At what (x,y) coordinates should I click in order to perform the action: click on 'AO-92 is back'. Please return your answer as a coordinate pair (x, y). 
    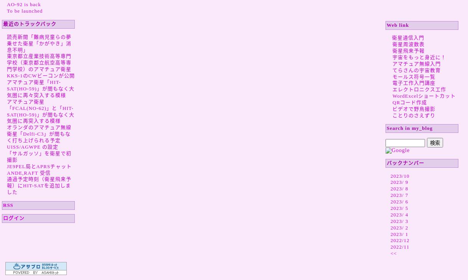
    Looking at the image, I should click on (23, 4).